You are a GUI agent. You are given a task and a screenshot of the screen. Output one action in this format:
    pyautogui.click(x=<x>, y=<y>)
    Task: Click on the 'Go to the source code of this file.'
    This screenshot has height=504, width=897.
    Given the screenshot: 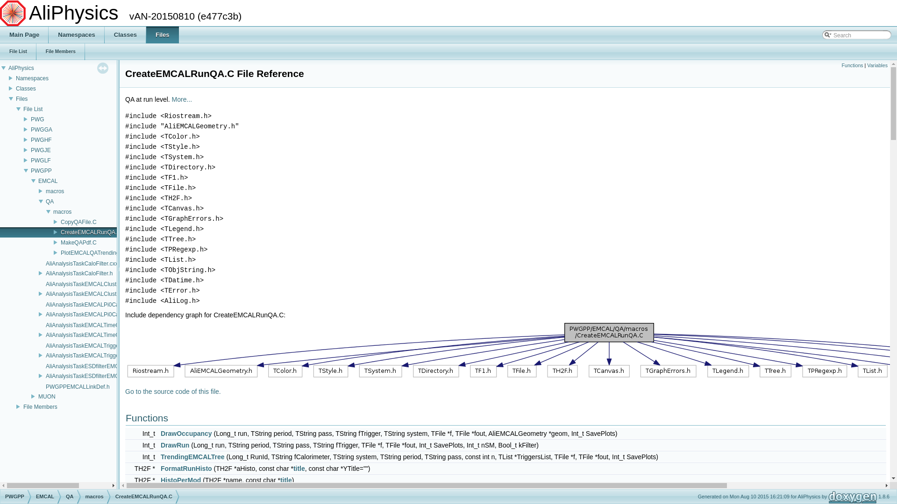 What is the action you would take?
    pyautogui.click(x=125, y=392)
    